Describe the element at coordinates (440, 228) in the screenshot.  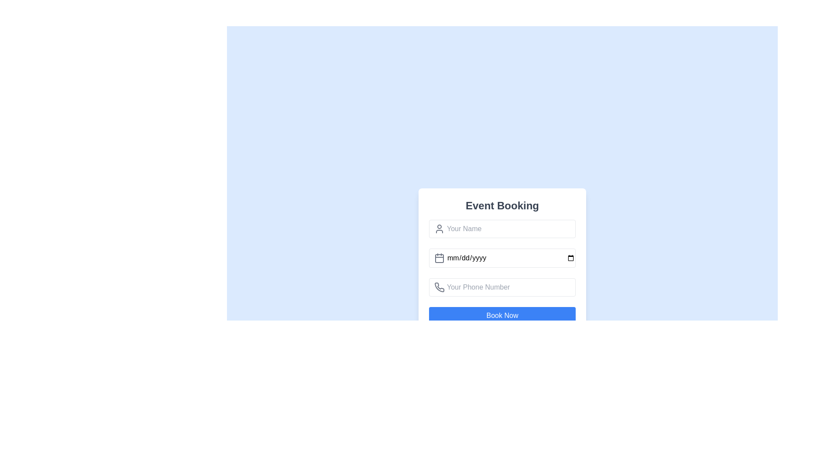
I see `the user silhouette icon located at the far-left side of the 'Your Name' input field in the 'Event Booking' form` at that location.